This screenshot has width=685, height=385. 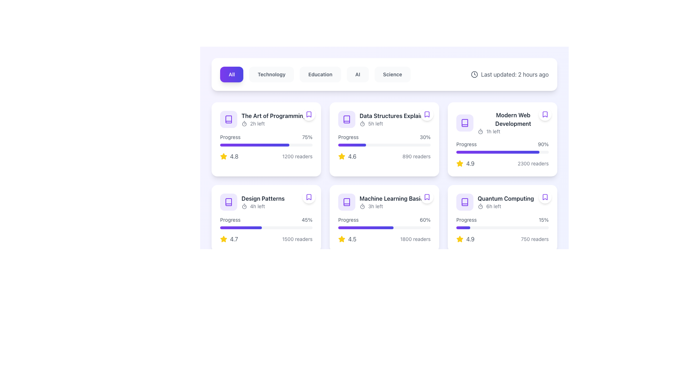 What do you see at coordinates (460, 164) in the screenshot?
I see `the yellow filled star icon used as a rating symbol for 'Modern Web Development', located to the left of the numeric rating '4.9'` at bounding box center [460, 164].